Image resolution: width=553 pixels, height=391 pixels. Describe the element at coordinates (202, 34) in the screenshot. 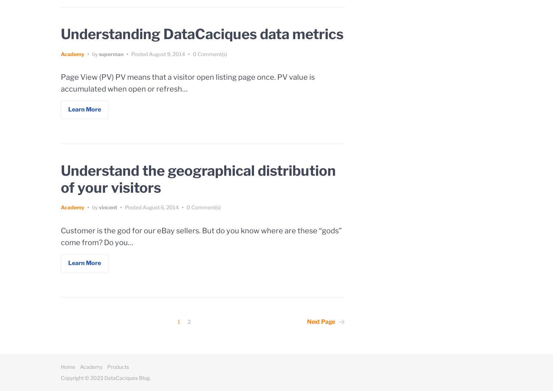

I see `'Understanding DataCaciques data metrics'` at that location.